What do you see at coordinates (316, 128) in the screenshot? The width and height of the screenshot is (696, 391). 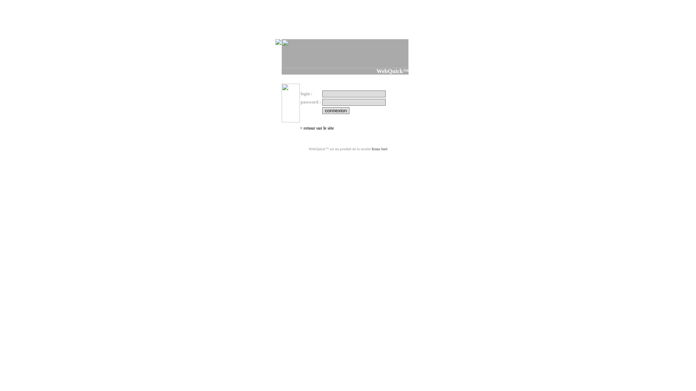 I see `'> retour sur le site'` at bounding box center [316, 128].